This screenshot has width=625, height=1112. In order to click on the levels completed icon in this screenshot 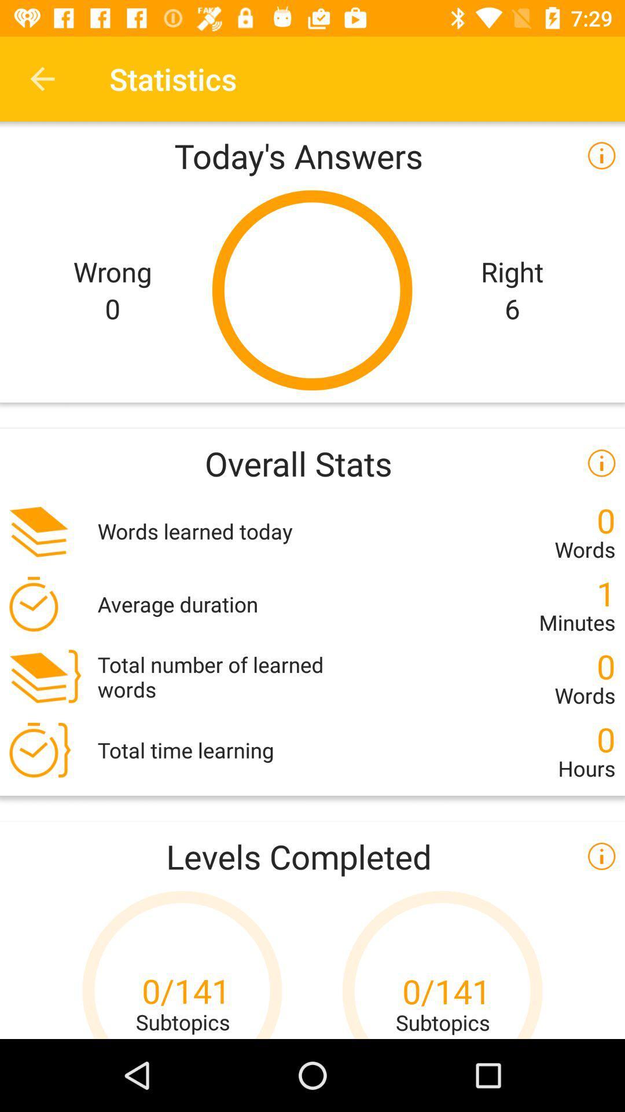, I will do `click(312, 856)`.